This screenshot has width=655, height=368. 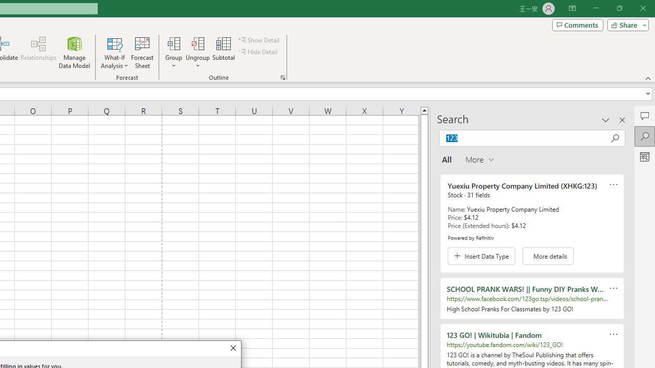 What do you see at coordinates (259, 39) in the screenshot?
I see `'Show Detail'` at bounding box center [259, 39].